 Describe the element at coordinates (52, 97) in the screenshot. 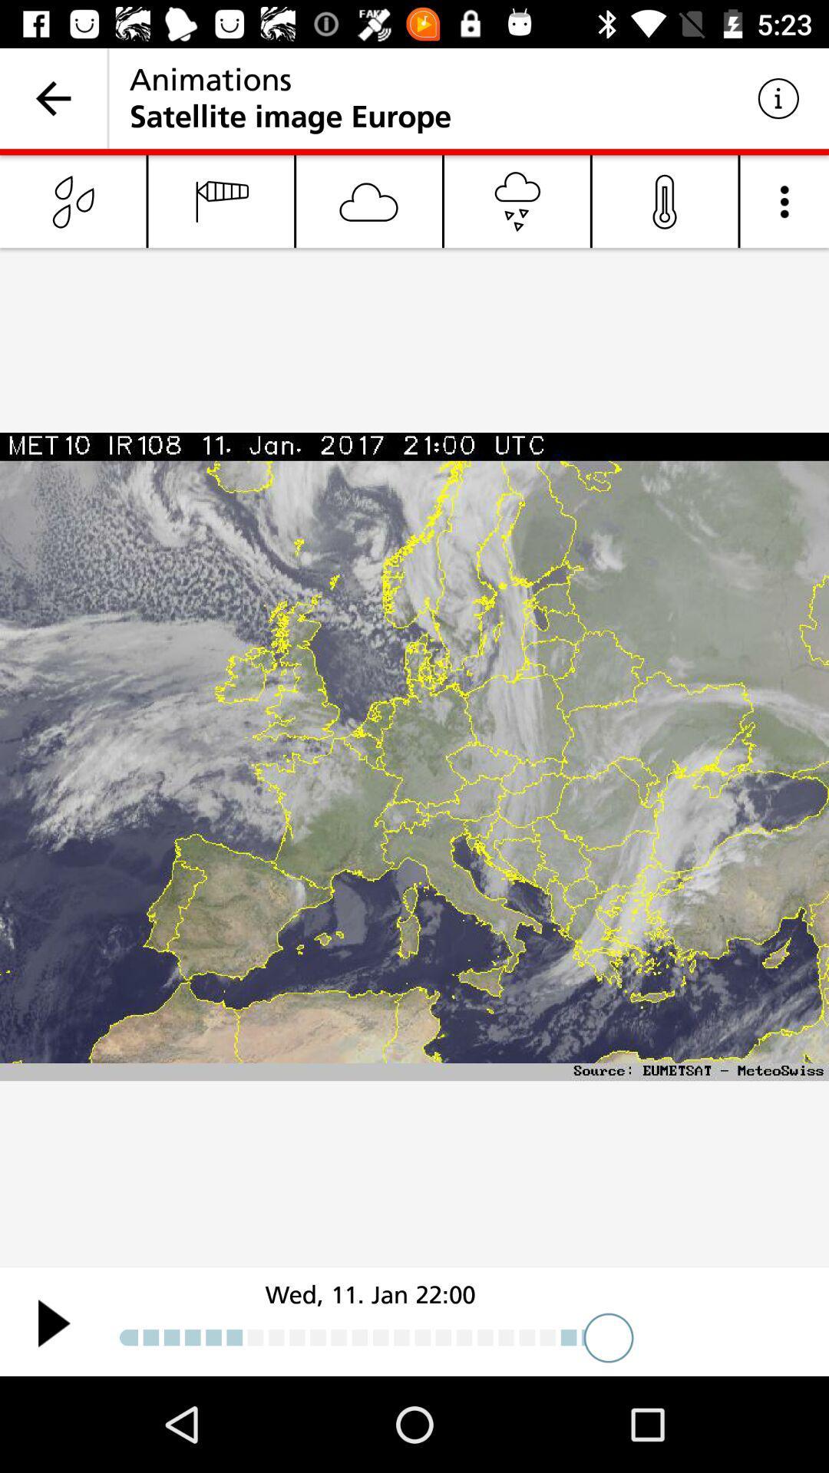

I see `the item next to animations` at that location.